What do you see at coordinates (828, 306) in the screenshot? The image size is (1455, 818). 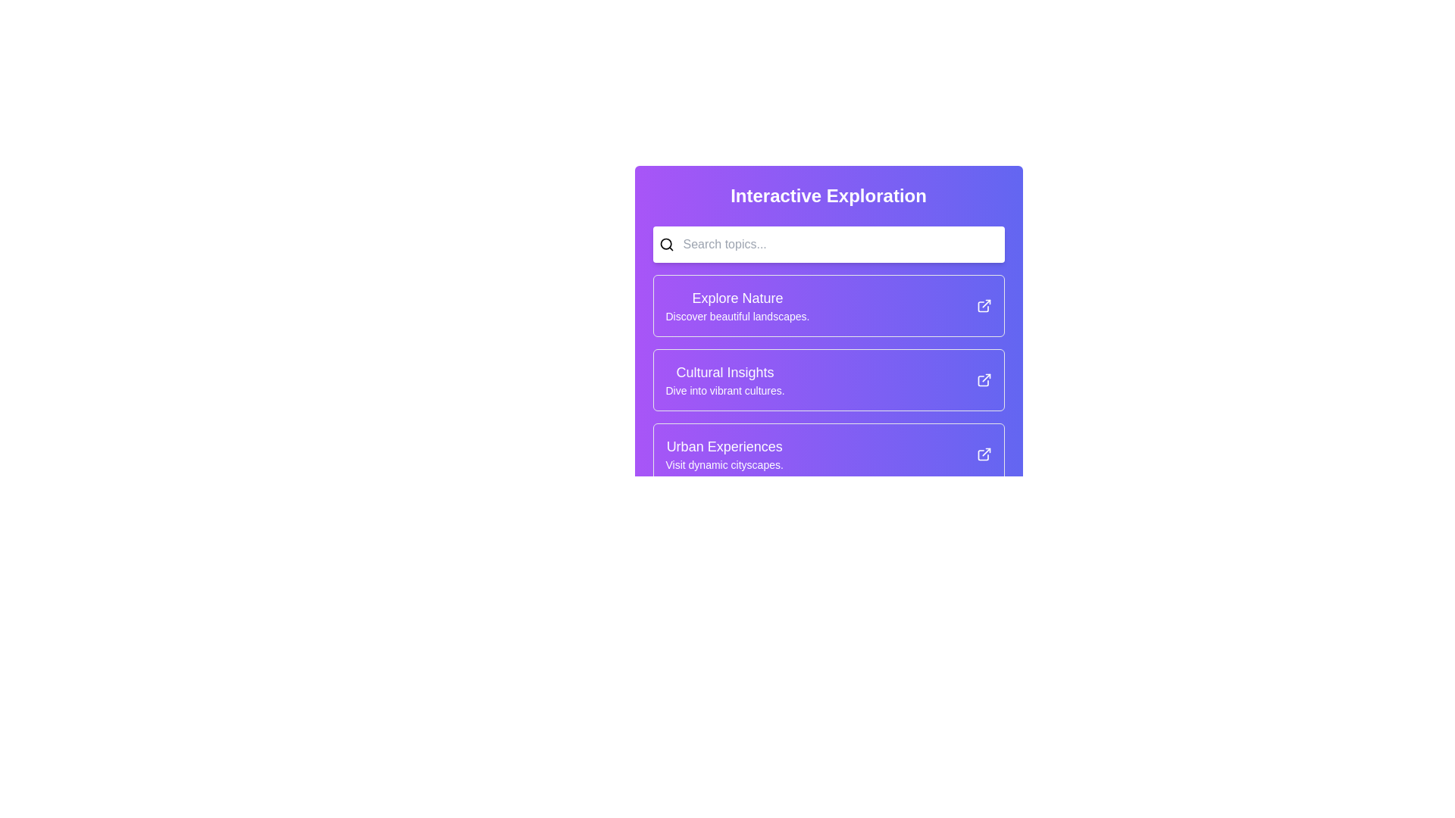 I see `the first clickable card in the vertical list below the search bar` at bounding box center [828, 306].